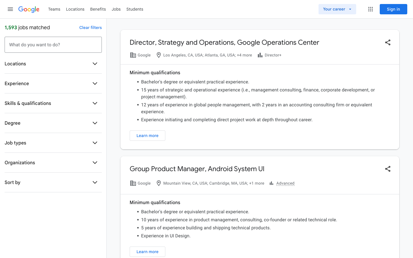 This screenshot has height=258, width=413. Describe the element at coordinates (29, 9) in the screenshot. I see `Google` at that location.